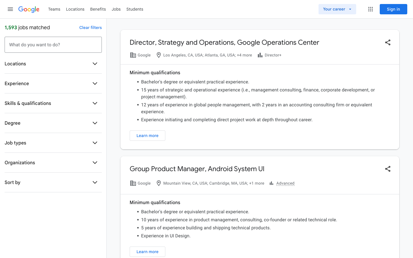 This screenshot has height=258, width=413. Describe the element at coordinates (29, 9) in the screenshot. I see `Google` at that location.